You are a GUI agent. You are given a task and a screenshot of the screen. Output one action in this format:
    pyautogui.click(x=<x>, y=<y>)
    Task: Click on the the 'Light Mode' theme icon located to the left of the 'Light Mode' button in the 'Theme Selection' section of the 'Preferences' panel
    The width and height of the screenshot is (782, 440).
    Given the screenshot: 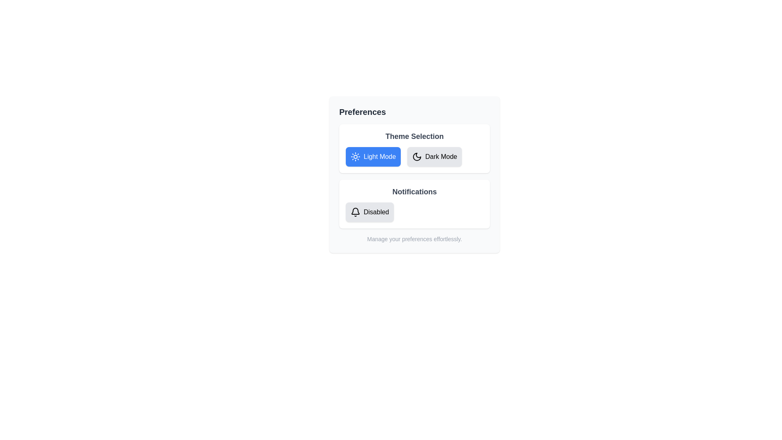 What is the action you would take?
    pyautogui.click(x=356, y=157)
    